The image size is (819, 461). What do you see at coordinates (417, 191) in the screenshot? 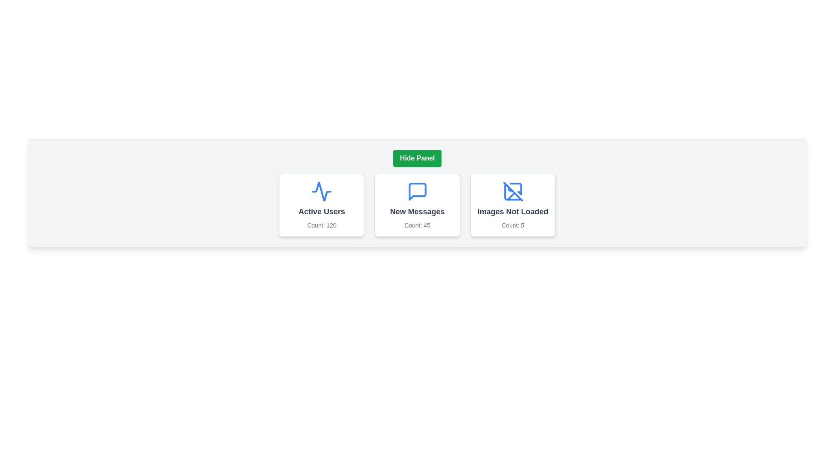
I see `the decorative icon representing messages located at the top-center of the 'New Messages' card, positioned above the text 'New Messages' and 'Count: 45'` at bounding box center [417, 191].